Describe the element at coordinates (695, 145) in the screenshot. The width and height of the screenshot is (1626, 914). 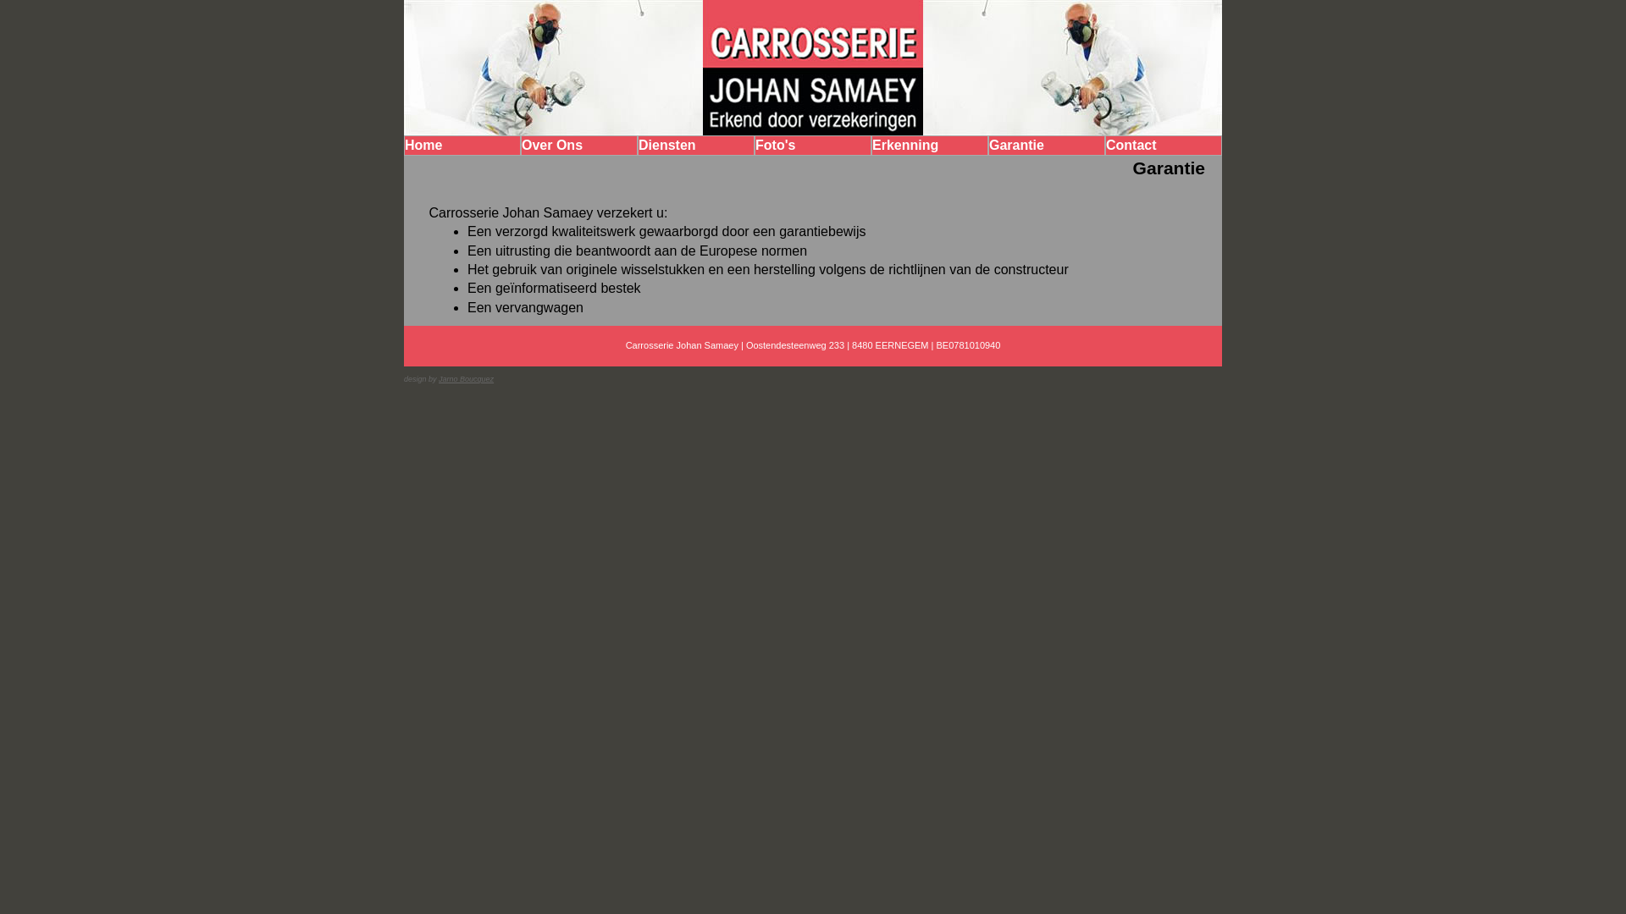
I see `'Diensten'` at that location.